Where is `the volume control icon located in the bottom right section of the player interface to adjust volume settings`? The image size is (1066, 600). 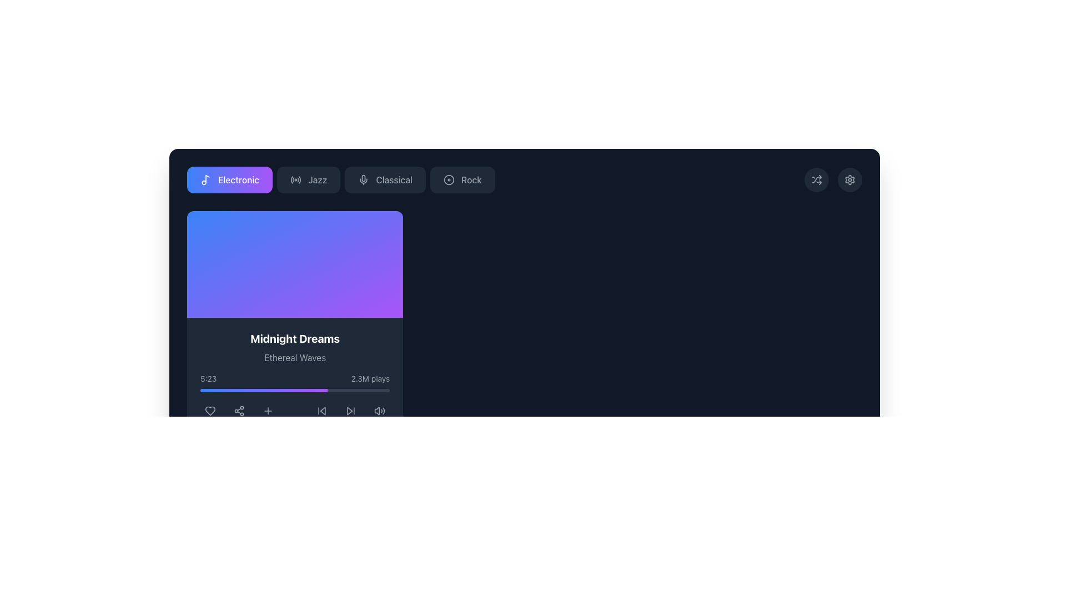 the volume control icon located in the bottom right section of the player interface to adjust volume settings is located at coordinates (380, 411).